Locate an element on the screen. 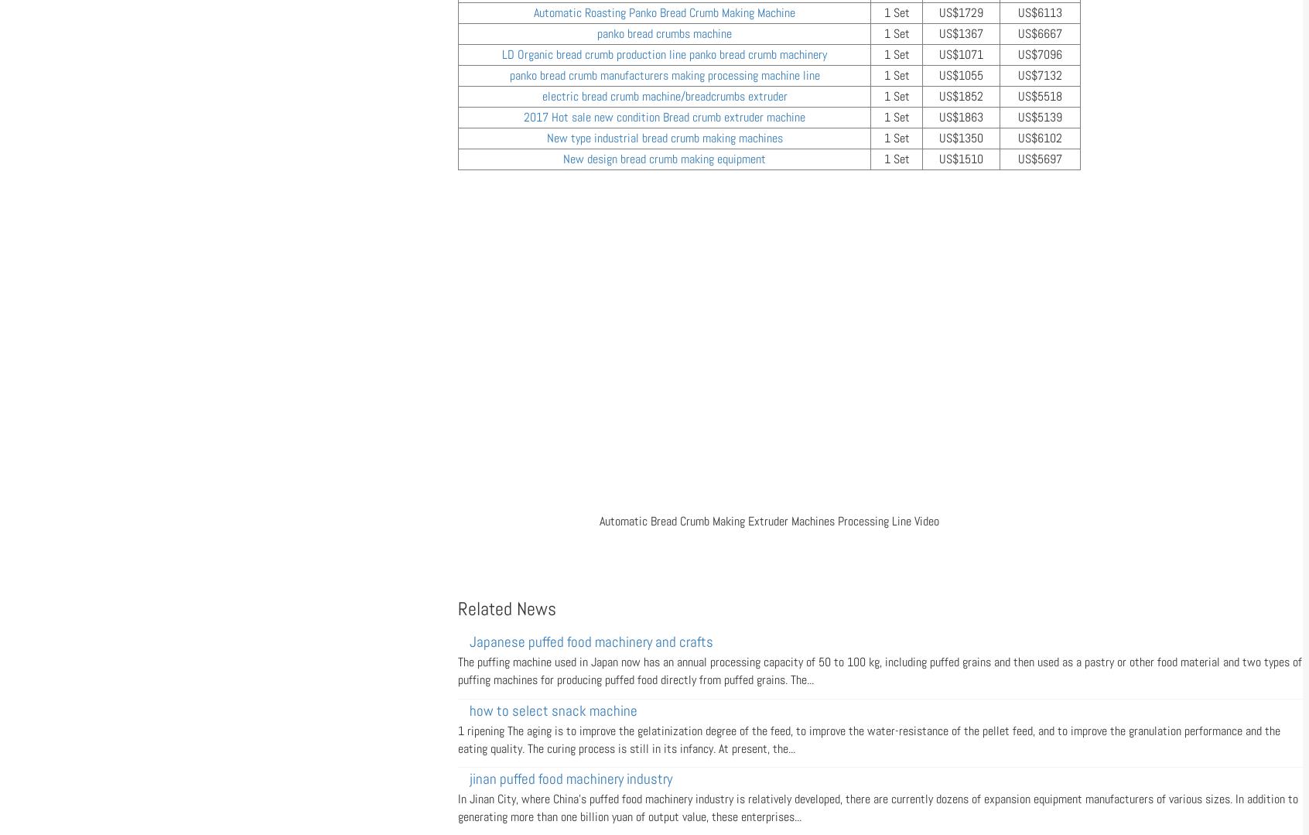 This screenshot has width=1309, height=835. 'US$6102' is located at coordinates (1040, 138).